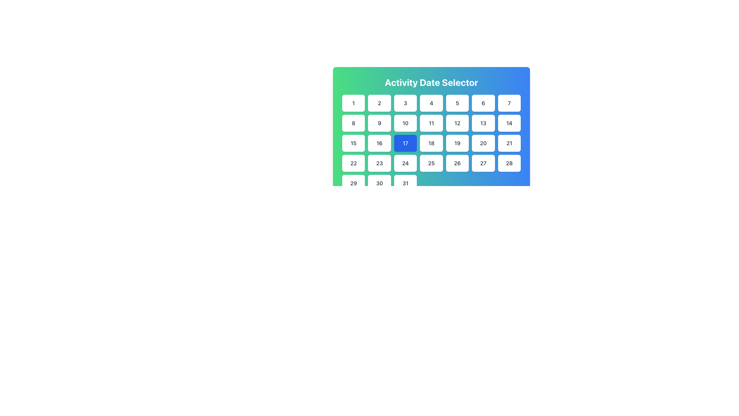 The width and height of the screenshot is (739, 416). Describe the element at coordinates (431, 102) in the screenshot. I see `the button representing the date '4' in the Activity Date Selector component` at that location.